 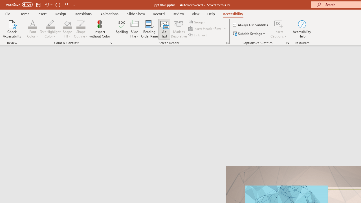 I want to click on 'Insert Header Row', so click(x=205, y=28).